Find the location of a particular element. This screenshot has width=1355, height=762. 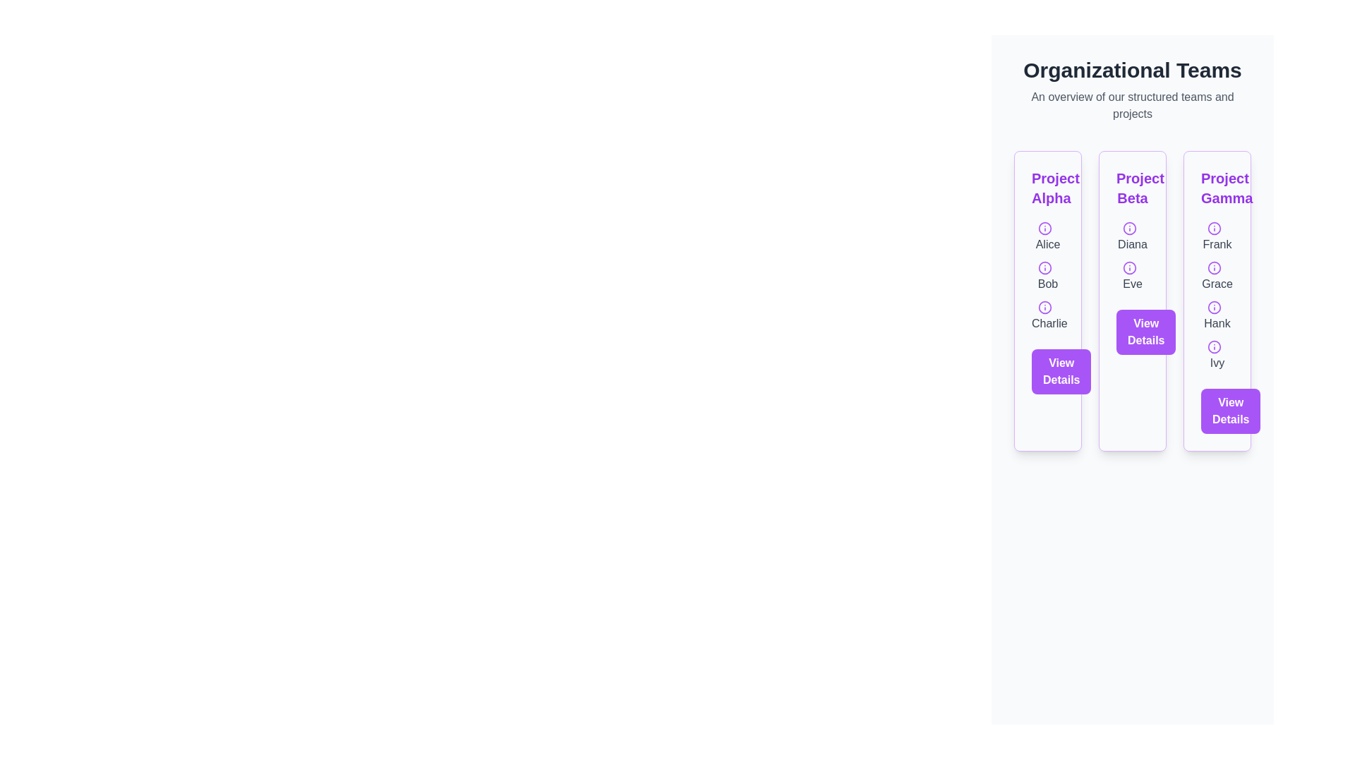

the circular outline icon in the 'Project Gamma' column adjacent to the name 'Hank' on the right-most card is located at coordinates (1214, 306).